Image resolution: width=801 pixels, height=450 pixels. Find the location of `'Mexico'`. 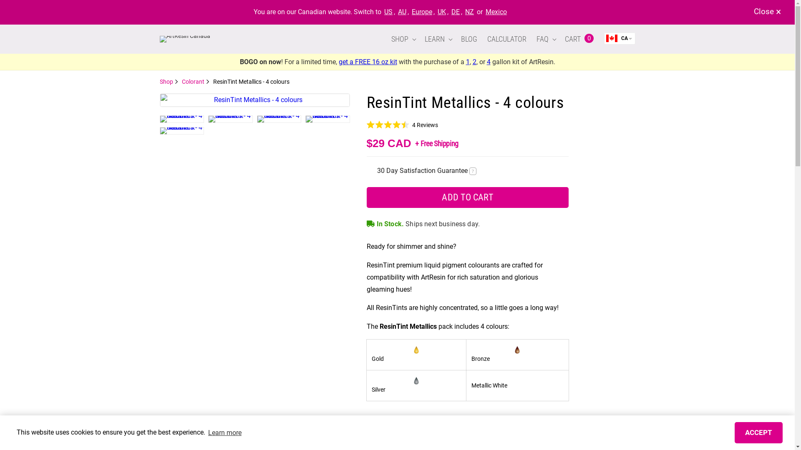

'Mexico' is located at coordinates (496, 12).